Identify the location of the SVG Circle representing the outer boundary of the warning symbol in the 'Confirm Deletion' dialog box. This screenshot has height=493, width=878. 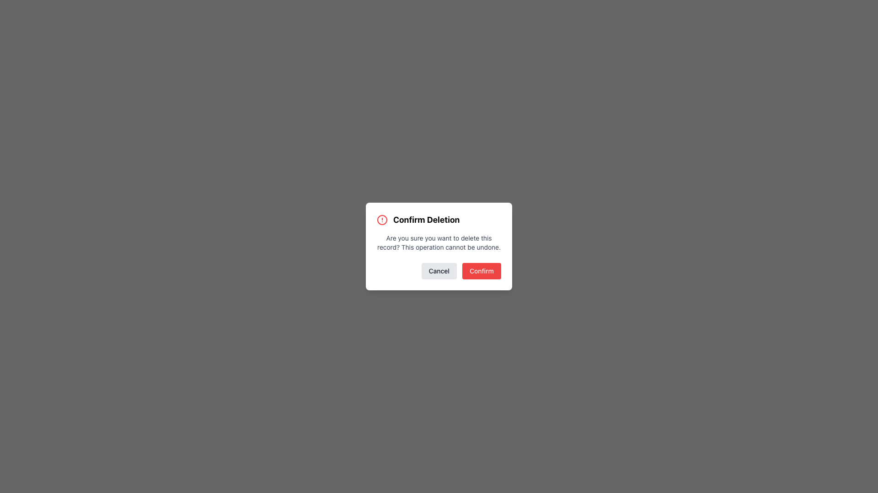
(382, 220).